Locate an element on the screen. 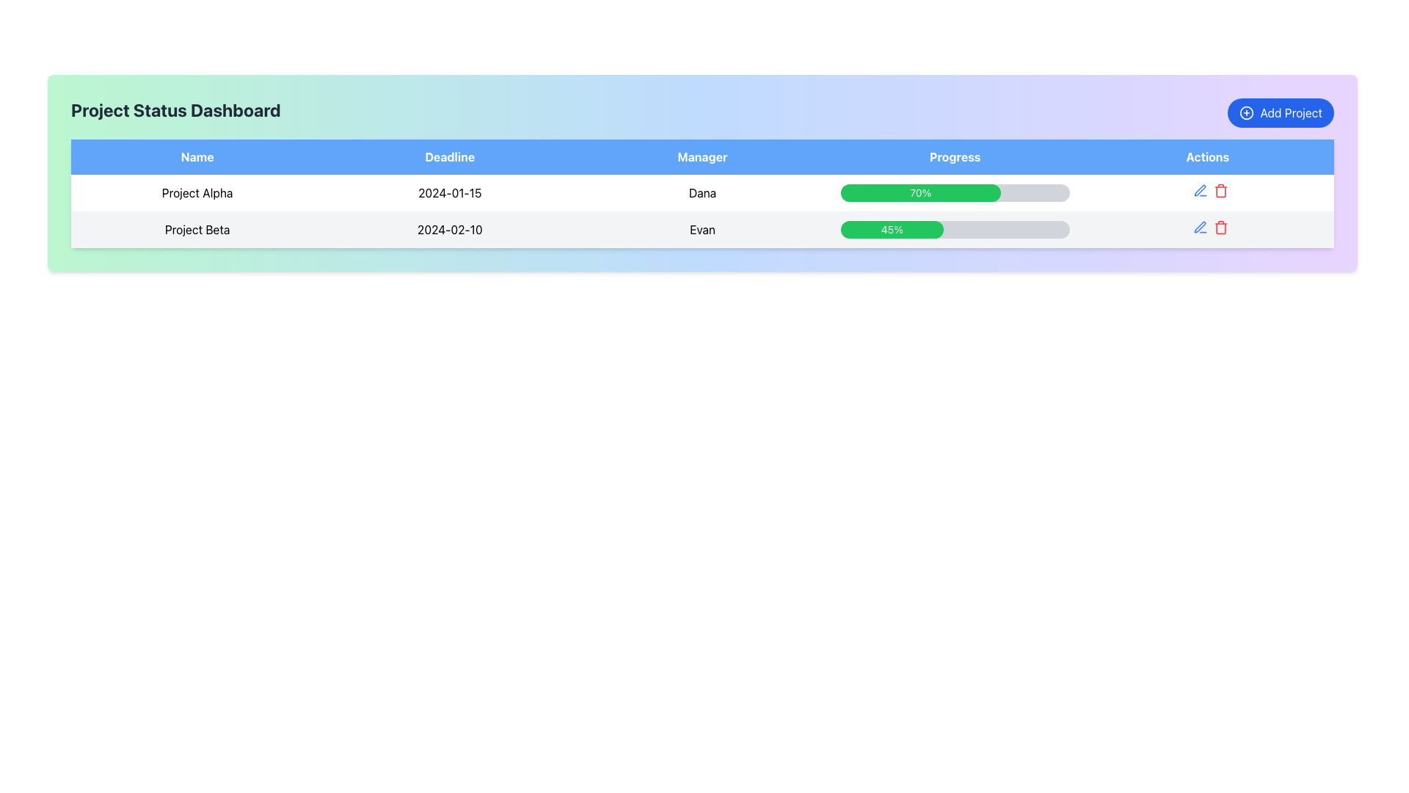 Image resolution: width=1409 pixels, height=793 pixels. the 'Actions' column header, which is the fifth column in the table, located at the top-right adjacent to the 'Progress' column is located at coordinates (1207, 156).